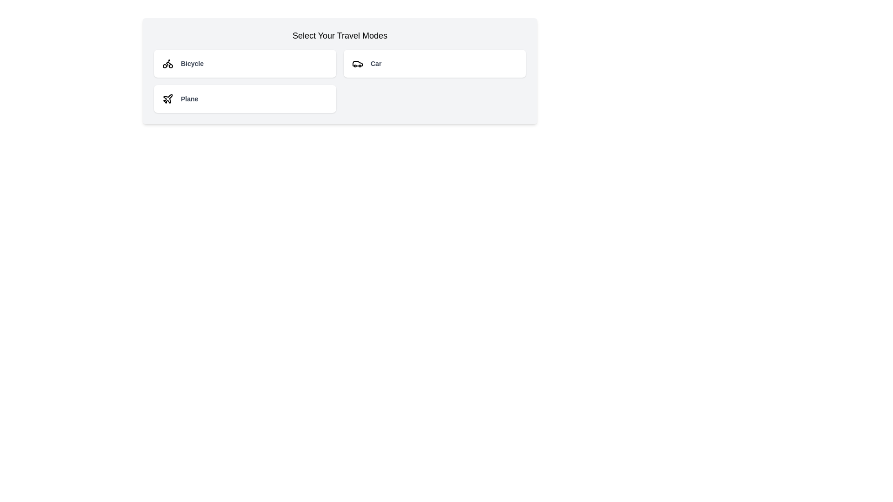  I want to click on the car SVG icon located within the upper-right card, positioned to the left of the 'Car' label, so click(357, 63).